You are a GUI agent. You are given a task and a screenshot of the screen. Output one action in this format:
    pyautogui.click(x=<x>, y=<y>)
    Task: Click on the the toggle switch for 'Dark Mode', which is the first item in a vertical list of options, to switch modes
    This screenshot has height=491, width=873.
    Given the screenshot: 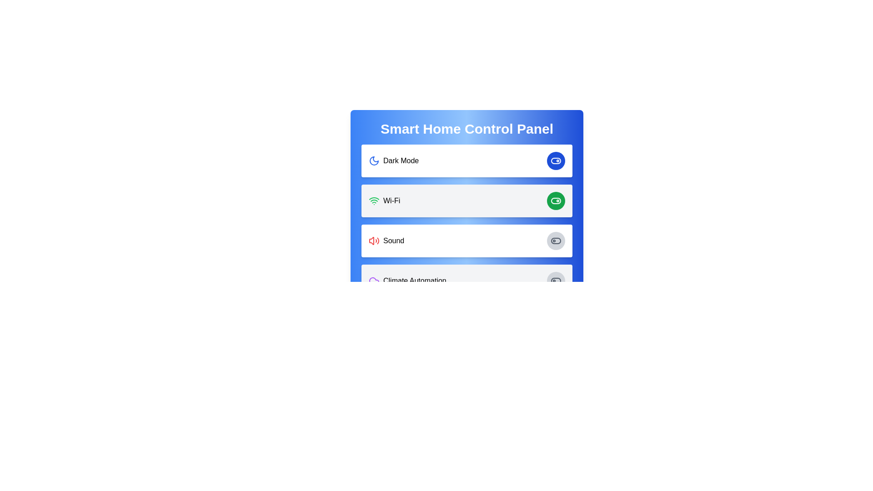 What is the action you would take?
    pyautogui.click(x=467, y=160)
    